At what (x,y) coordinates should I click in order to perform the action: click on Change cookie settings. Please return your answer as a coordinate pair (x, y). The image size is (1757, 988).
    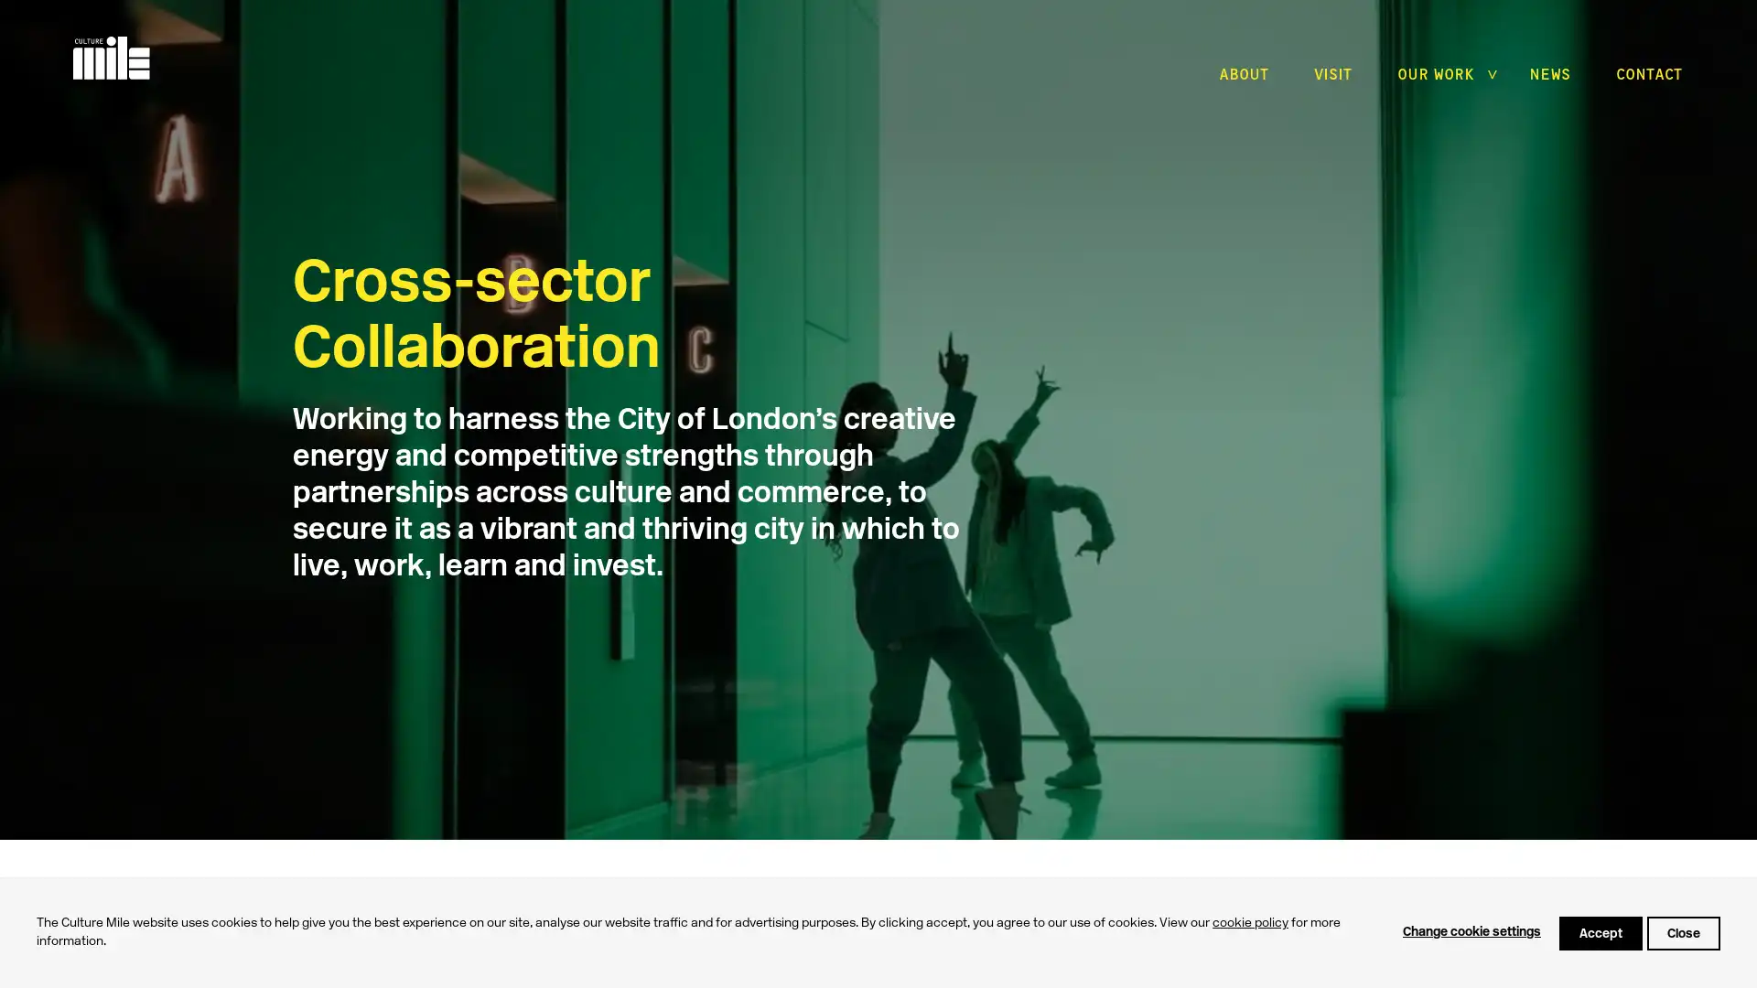
    Looking at the image, I should click on (1471, 932).